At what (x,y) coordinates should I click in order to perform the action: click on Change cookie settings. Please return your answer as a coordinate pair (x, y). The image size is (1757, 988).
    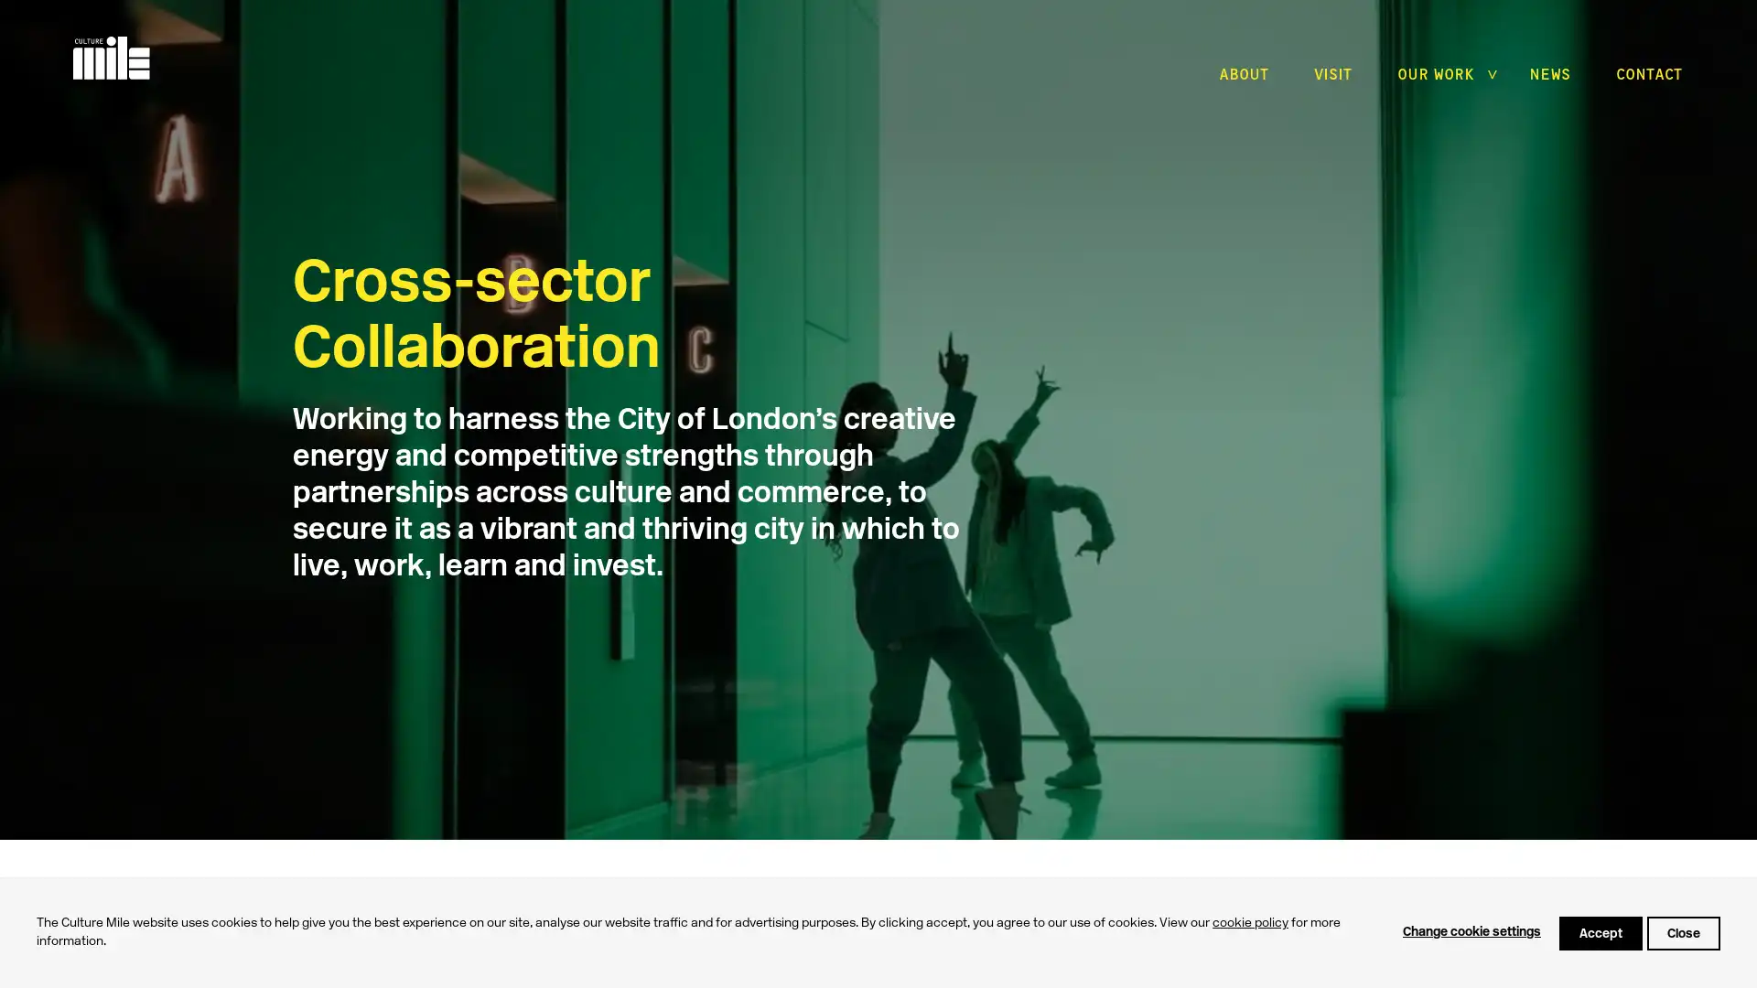
    Looking at the image, I should click on (1471, 932).